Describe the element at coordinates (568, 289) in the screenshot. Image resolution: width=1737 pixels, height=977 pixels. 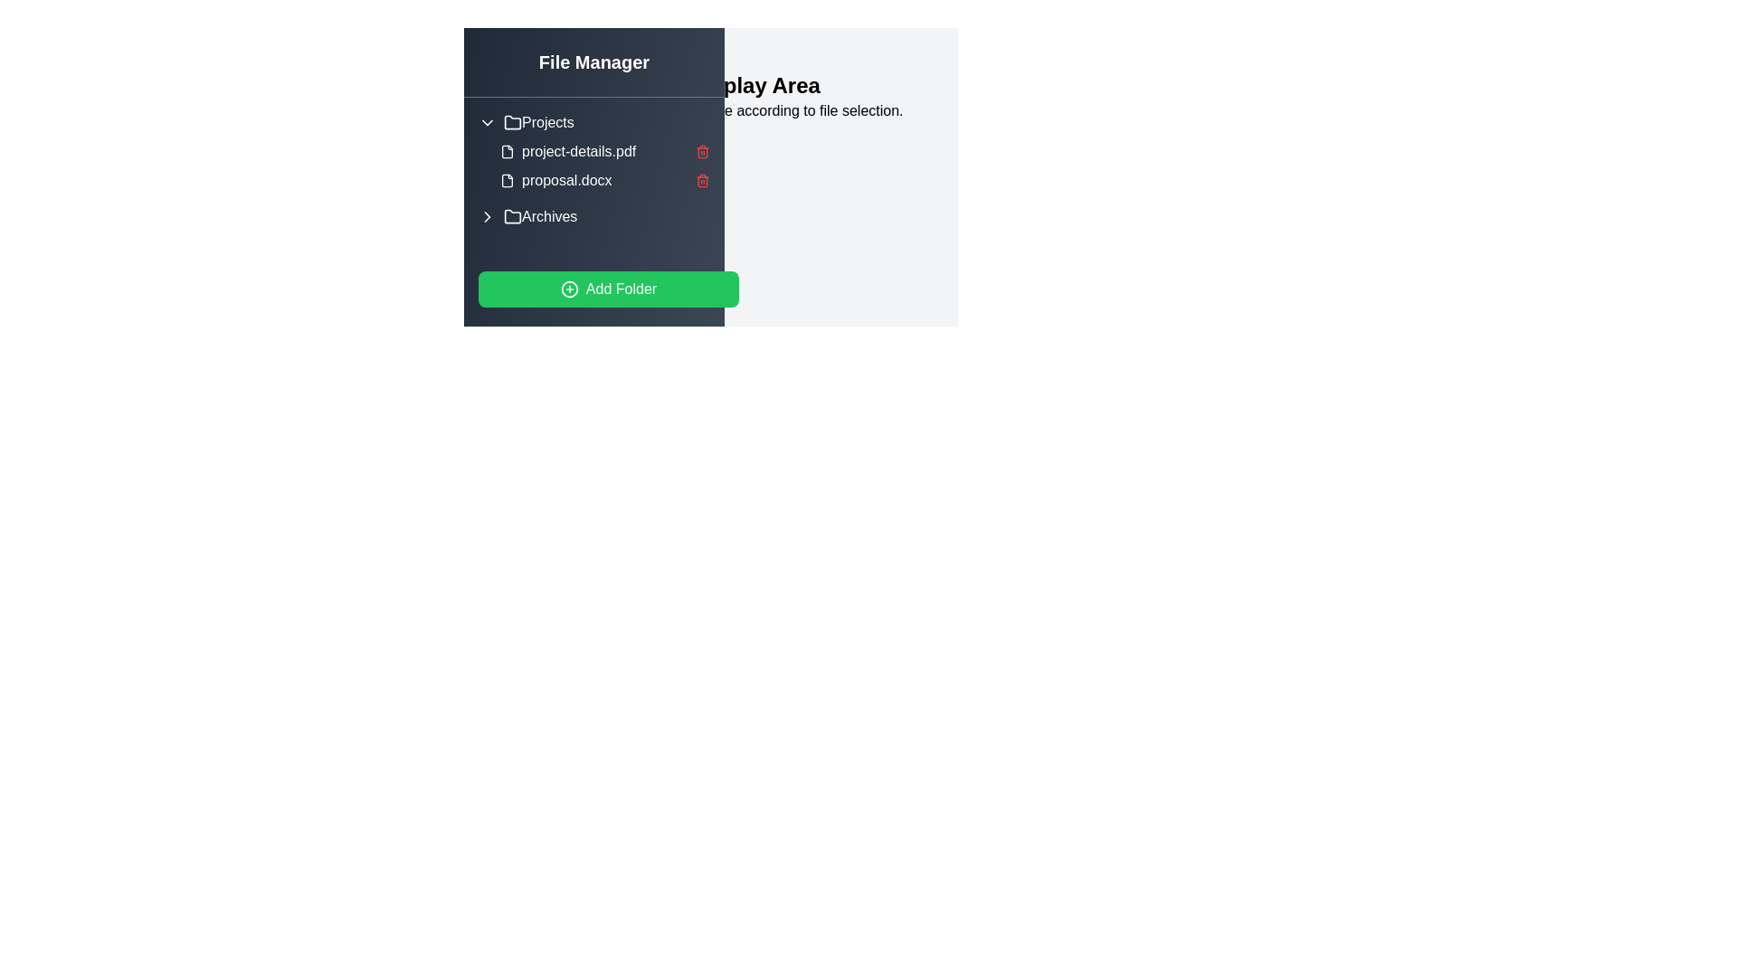
I see `the circular icon with a plus sign (+) at the center, located within the green 'Add Folder' button in the sidebar` at that location.